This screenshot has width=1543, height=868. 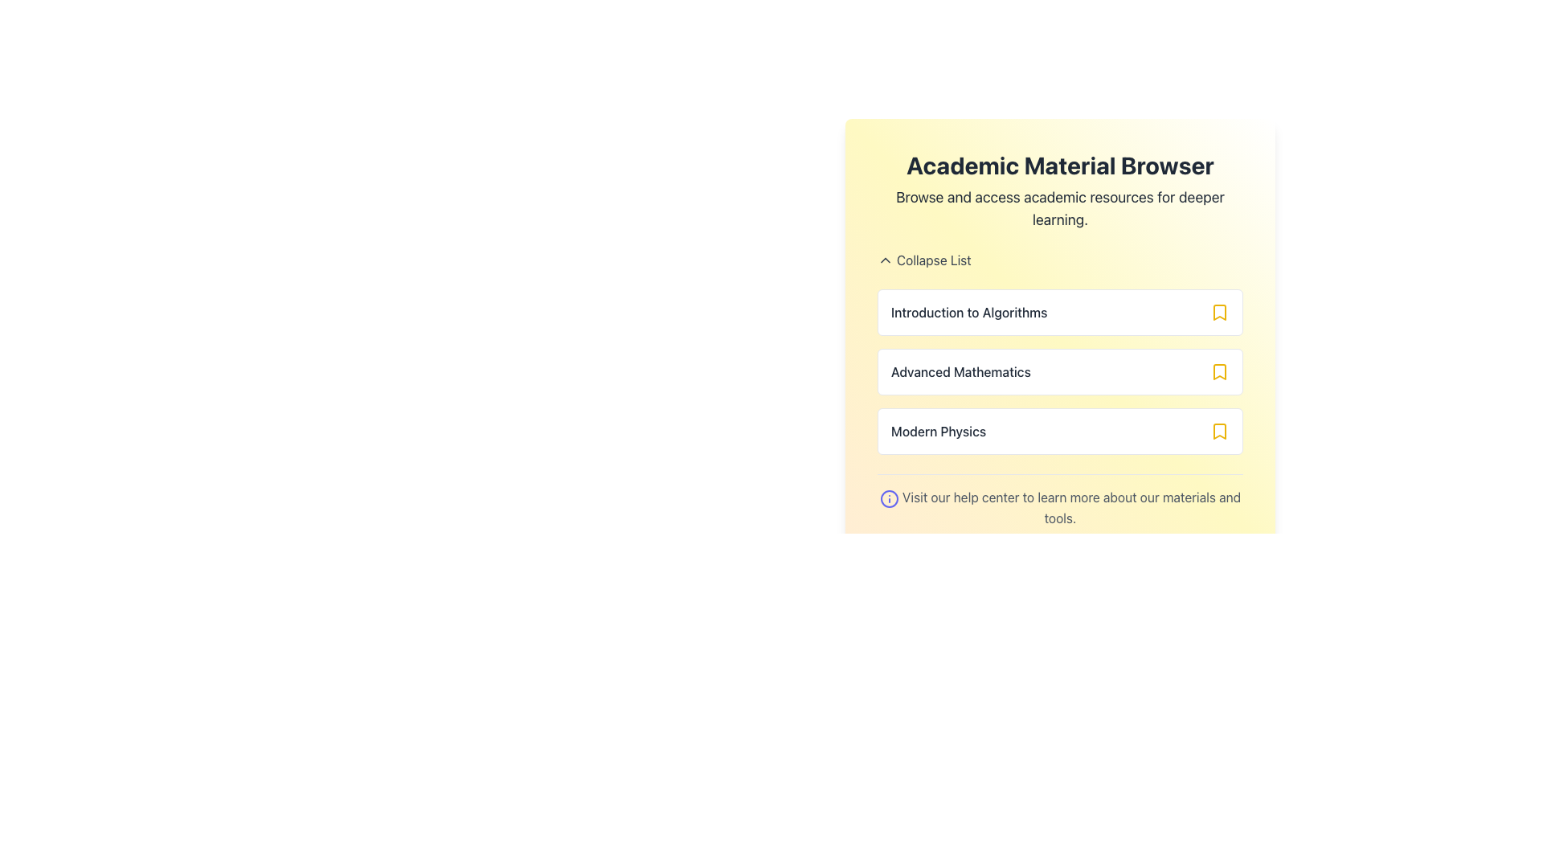 What do you see at coordinates (1060, 207) in the screenshot?
I see `text paragraph that states 'Browse and access academic resources for deeper learning.', which is positioned below the title 'Academic Material Browser' on a yellow background` at bounding box center [1060, 207].